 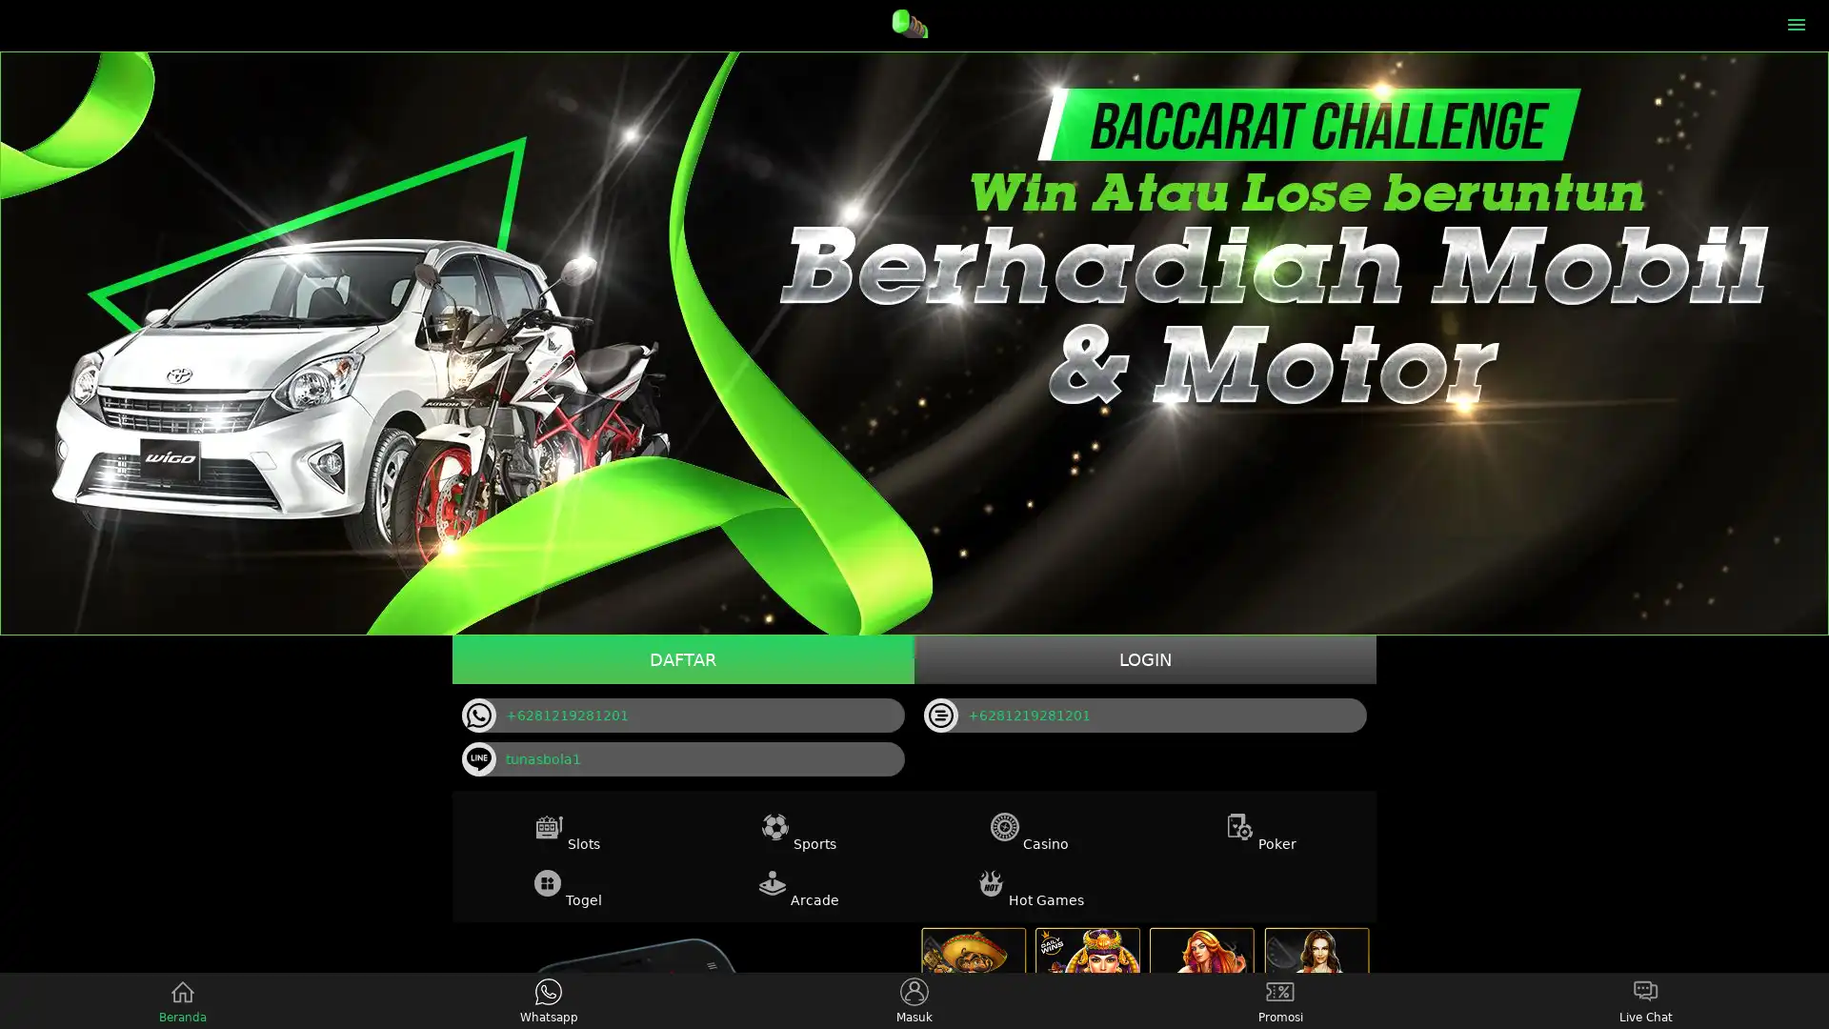 I want to click on Previous item in carousel (1 of 1), so click(x=15, y=343).